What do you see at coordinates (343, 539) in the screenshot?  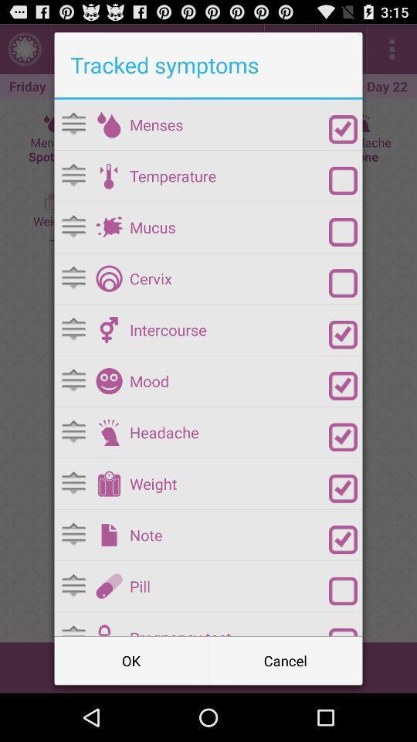 I see `note option` at bounding box center [343, 539].